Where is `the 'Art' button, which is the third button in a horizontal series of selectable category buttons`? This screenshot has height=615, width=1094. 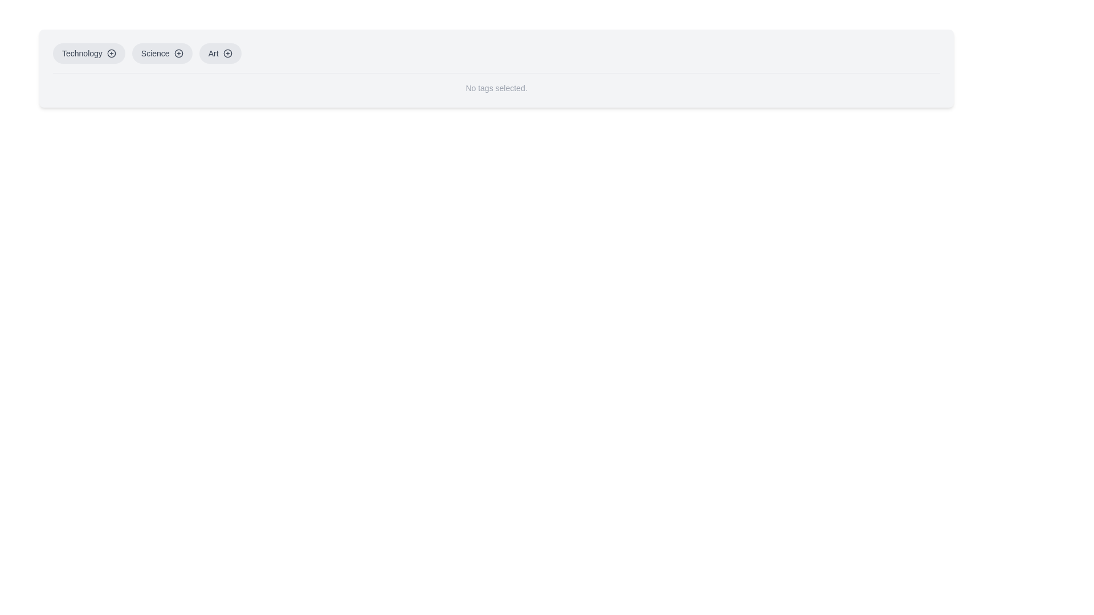
the 'Art' button, which is the third button in a horizontal series of selectable category buttons is located at coordinates (220, 53).